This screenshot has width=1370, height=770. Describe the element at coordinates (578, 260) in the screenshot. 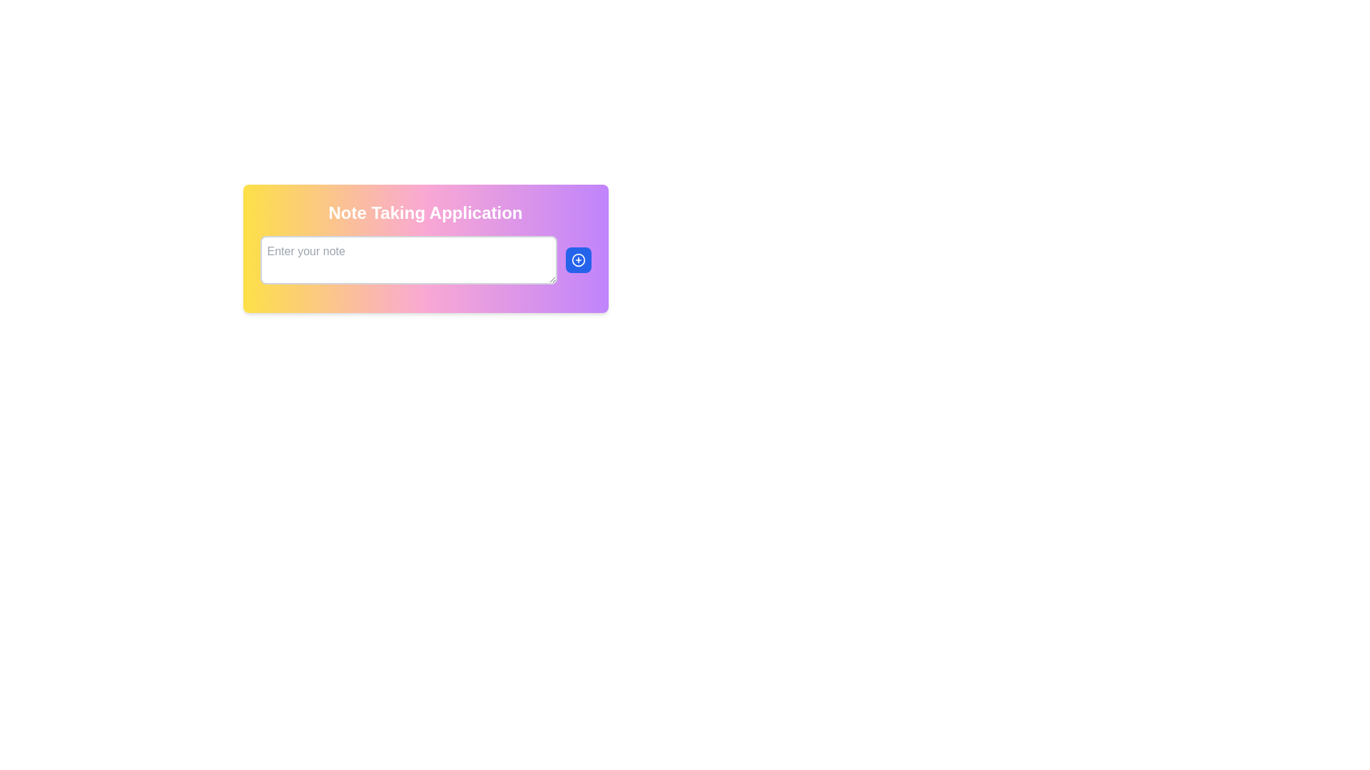

I see `the button with a blue background and a white circular plus icon, located to the right of the 'Enter your note' text input box, to change its color` at that location.